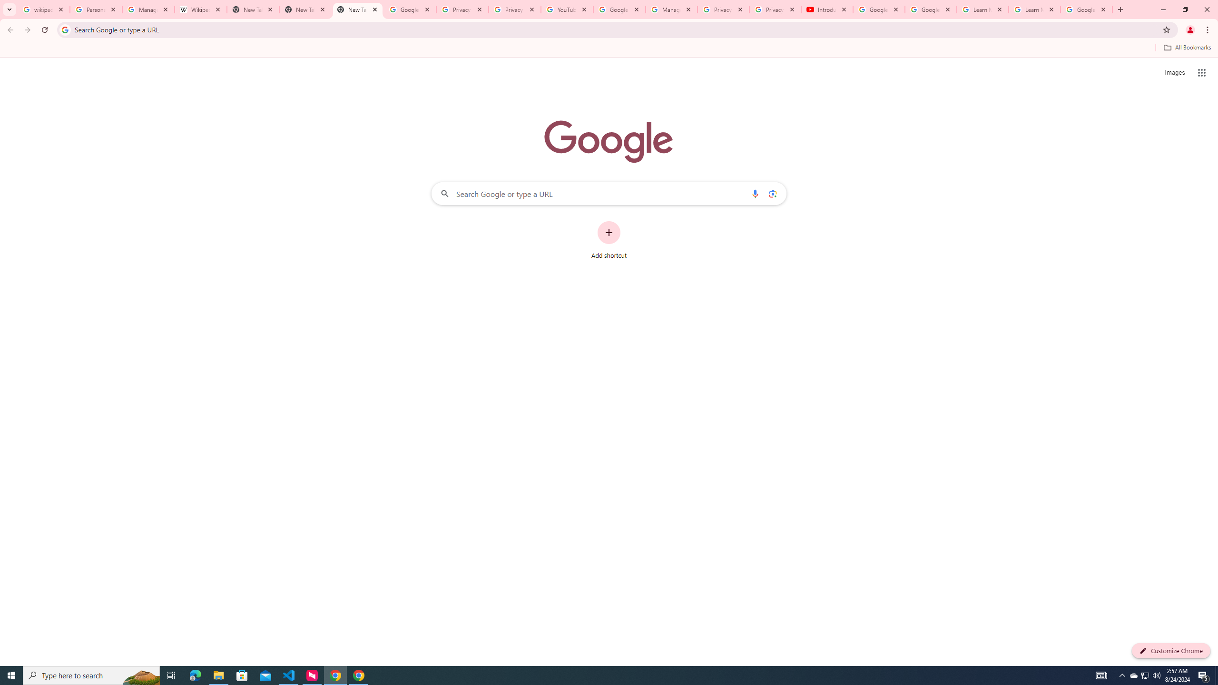 The image size is (1218, 685). Describe the element at coordinates (567, 9) in the screenshot. I see `'YouTube'` at that location.